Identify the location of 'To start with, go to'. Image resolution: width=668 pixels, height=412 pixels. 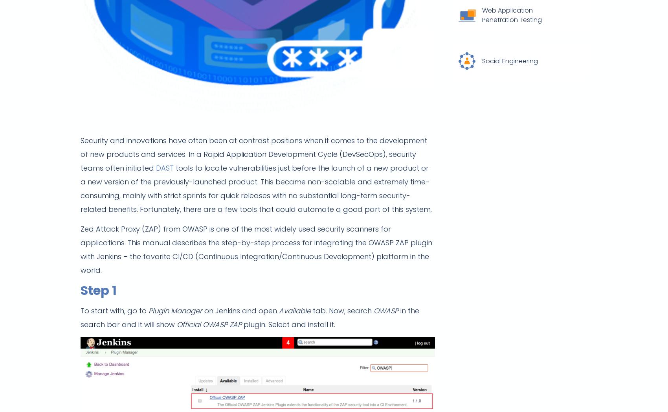
(80, 310).